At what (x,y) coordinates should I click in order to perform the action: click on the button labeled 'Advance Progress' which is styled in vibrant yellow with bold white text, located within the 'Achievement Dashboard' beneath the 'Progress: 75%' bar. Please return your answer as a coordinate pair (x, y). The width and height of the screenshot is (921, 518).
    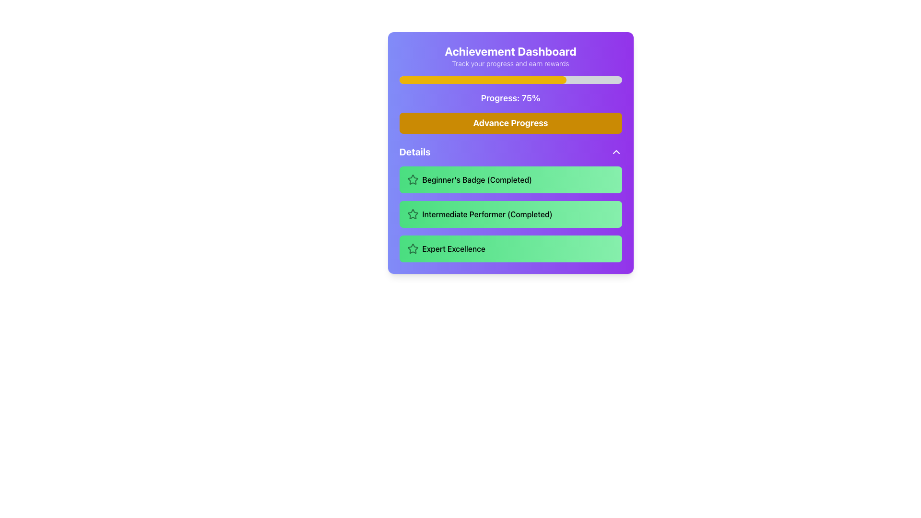
    Looking at the image, I should click on (510, 123).